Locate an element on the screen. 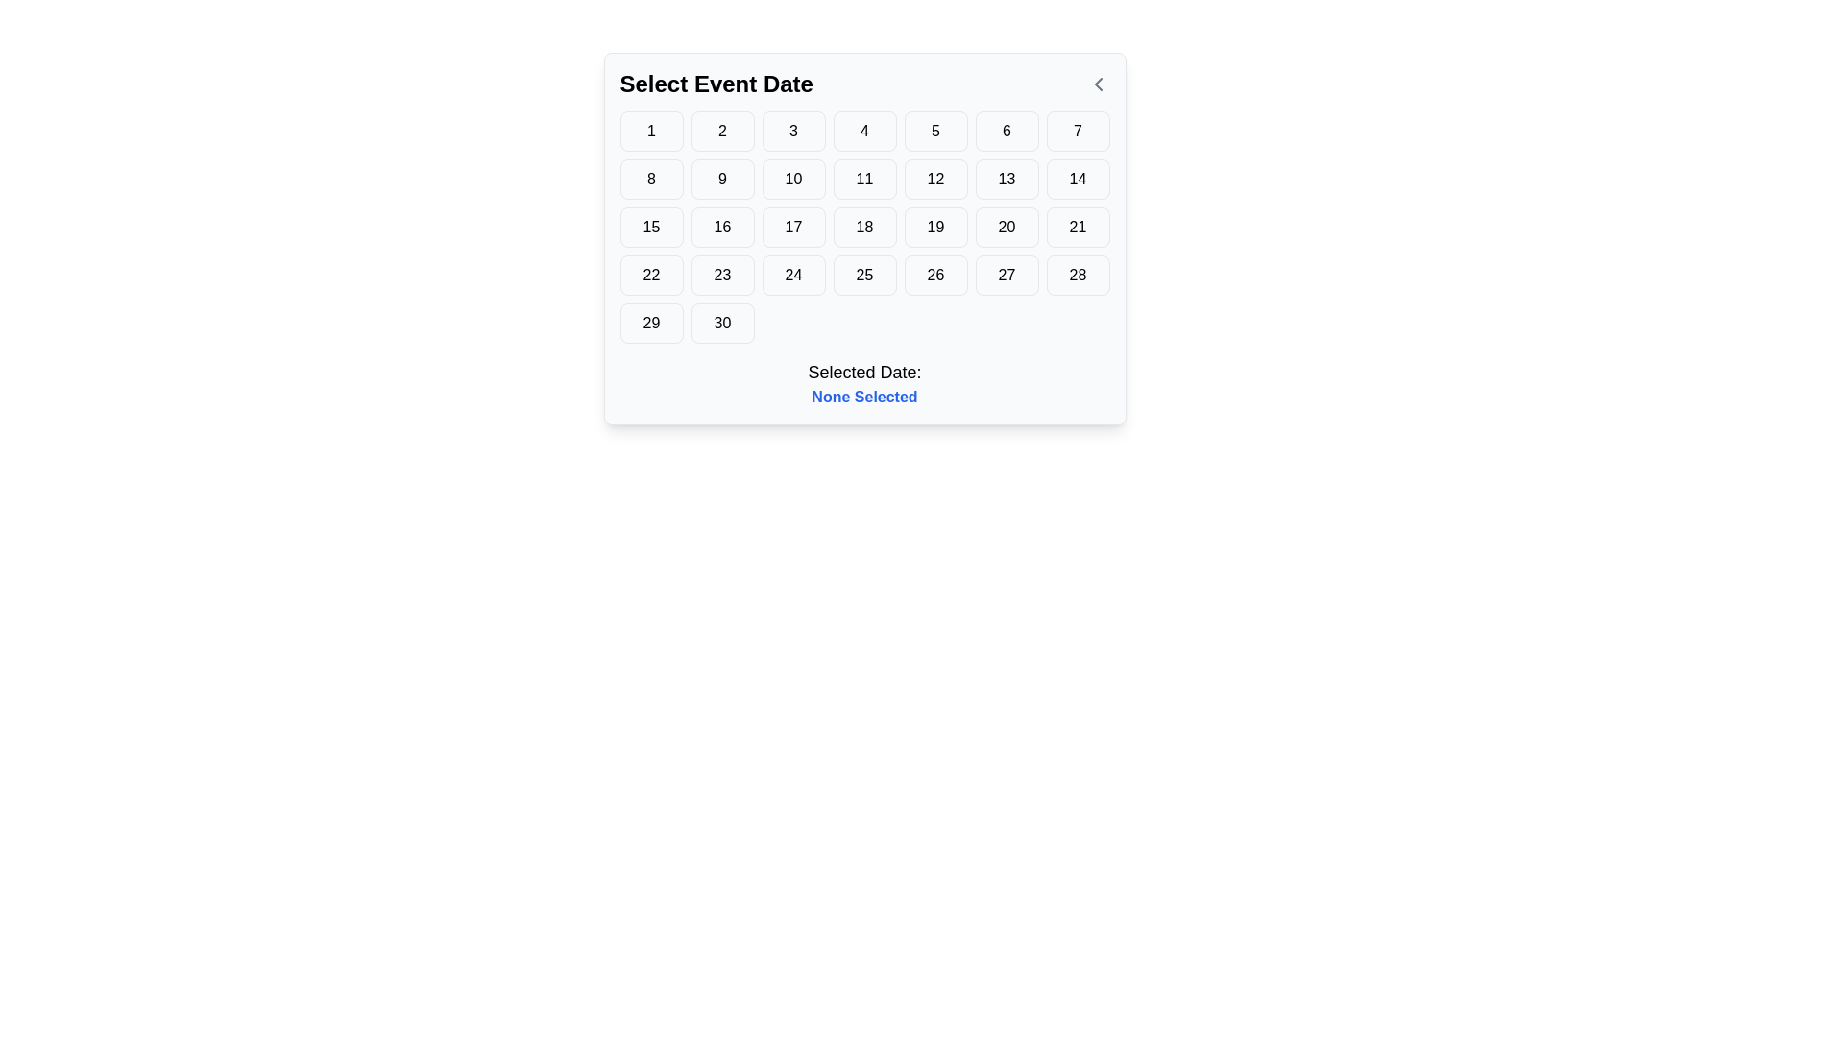  the Calendar Date Selector is located at coordinates (863, 238).